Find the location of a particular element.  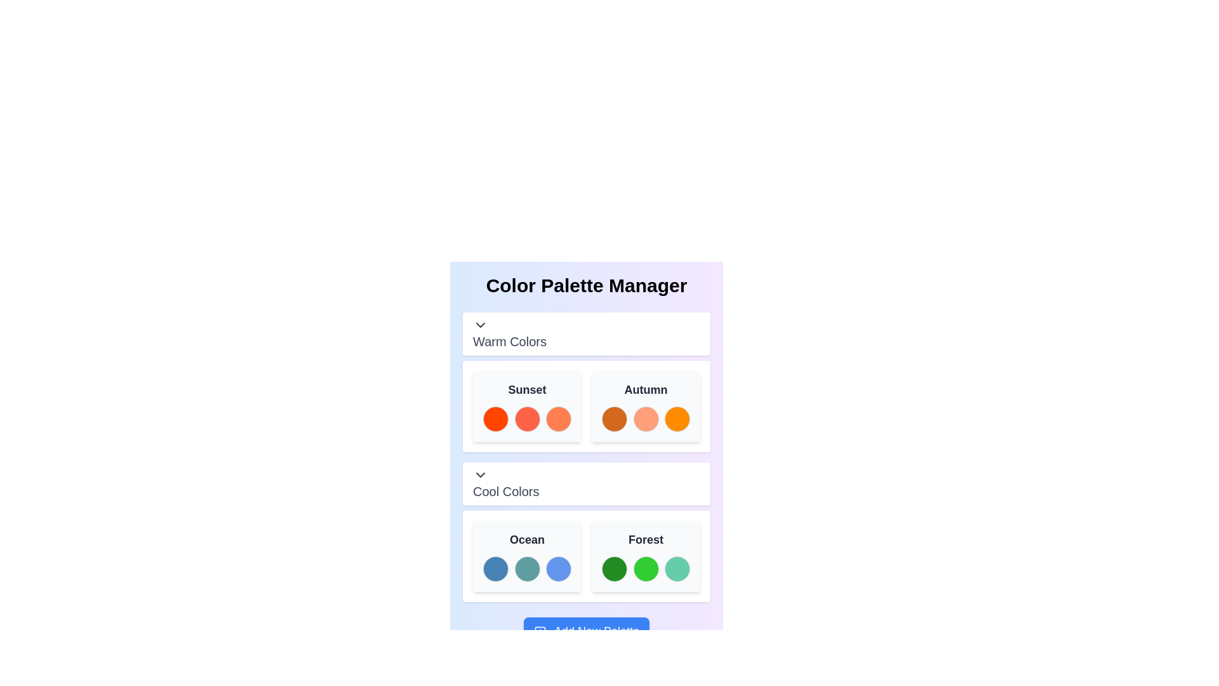

text label for the 'Autumn' color palette, located at the top-right corner of the 'Warm Colors' section, above the color swatches is located at coordinates (646, 389).